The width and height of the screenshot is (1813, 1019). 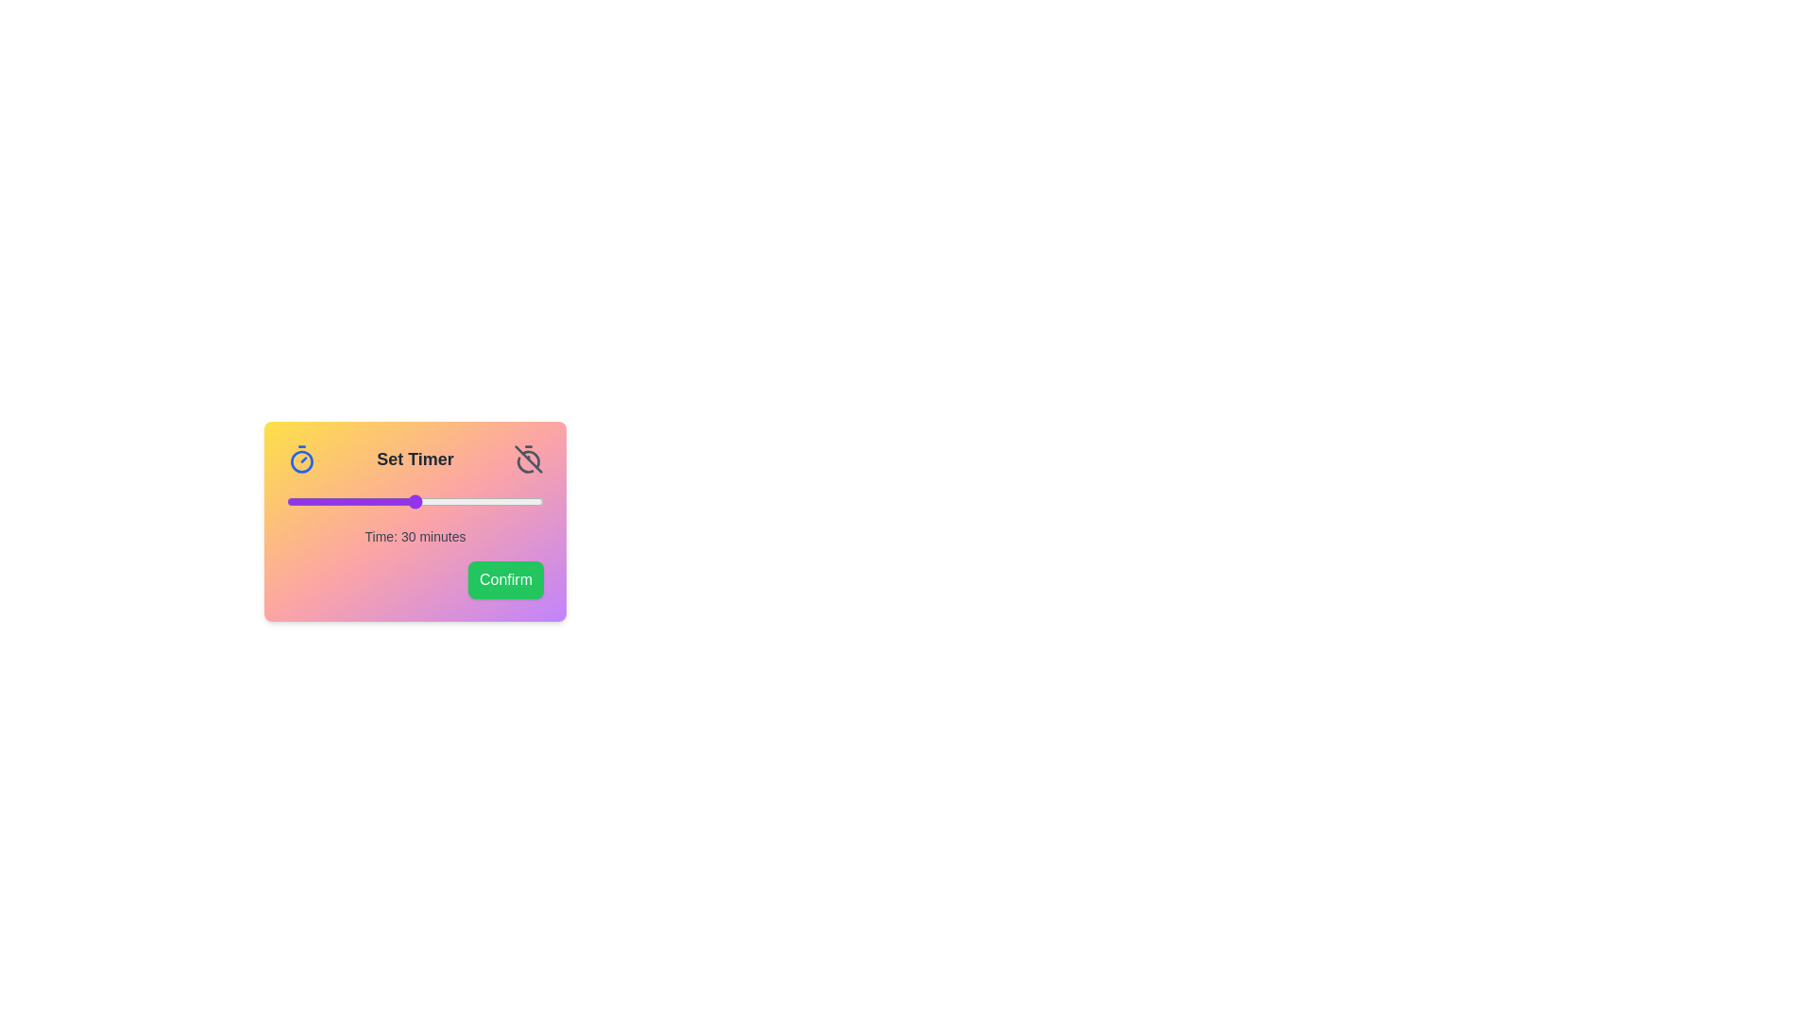 What do you see at coordinates (471, 501) in the screenshot?
I see `the slider to the desired time value 43 minutes` at bounding box center [471, 501].